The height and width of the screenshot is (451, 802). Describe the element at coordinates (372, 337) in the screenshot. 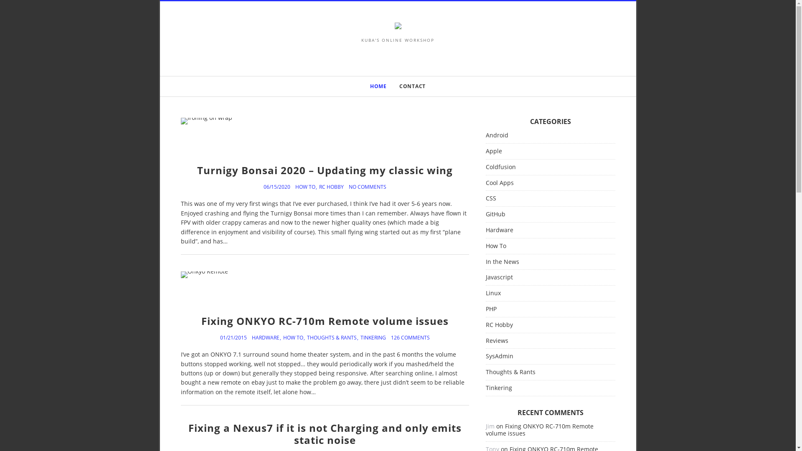

I see `'TINKERING'` at that location.